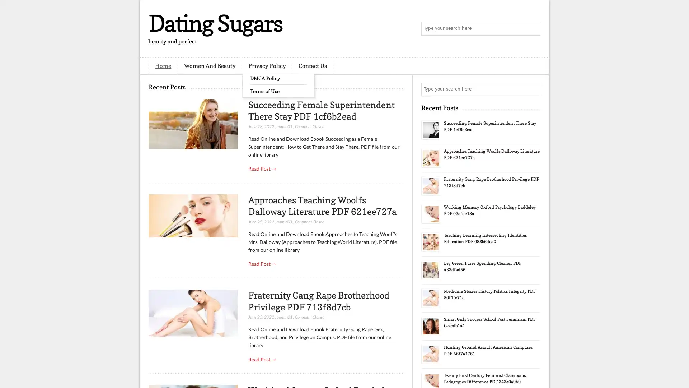 The height and width of the screenshot is (388, 689). What do you see at coordinates (533, 89) in the screenshot?
I see `Search` at bounding box center [533, 89].